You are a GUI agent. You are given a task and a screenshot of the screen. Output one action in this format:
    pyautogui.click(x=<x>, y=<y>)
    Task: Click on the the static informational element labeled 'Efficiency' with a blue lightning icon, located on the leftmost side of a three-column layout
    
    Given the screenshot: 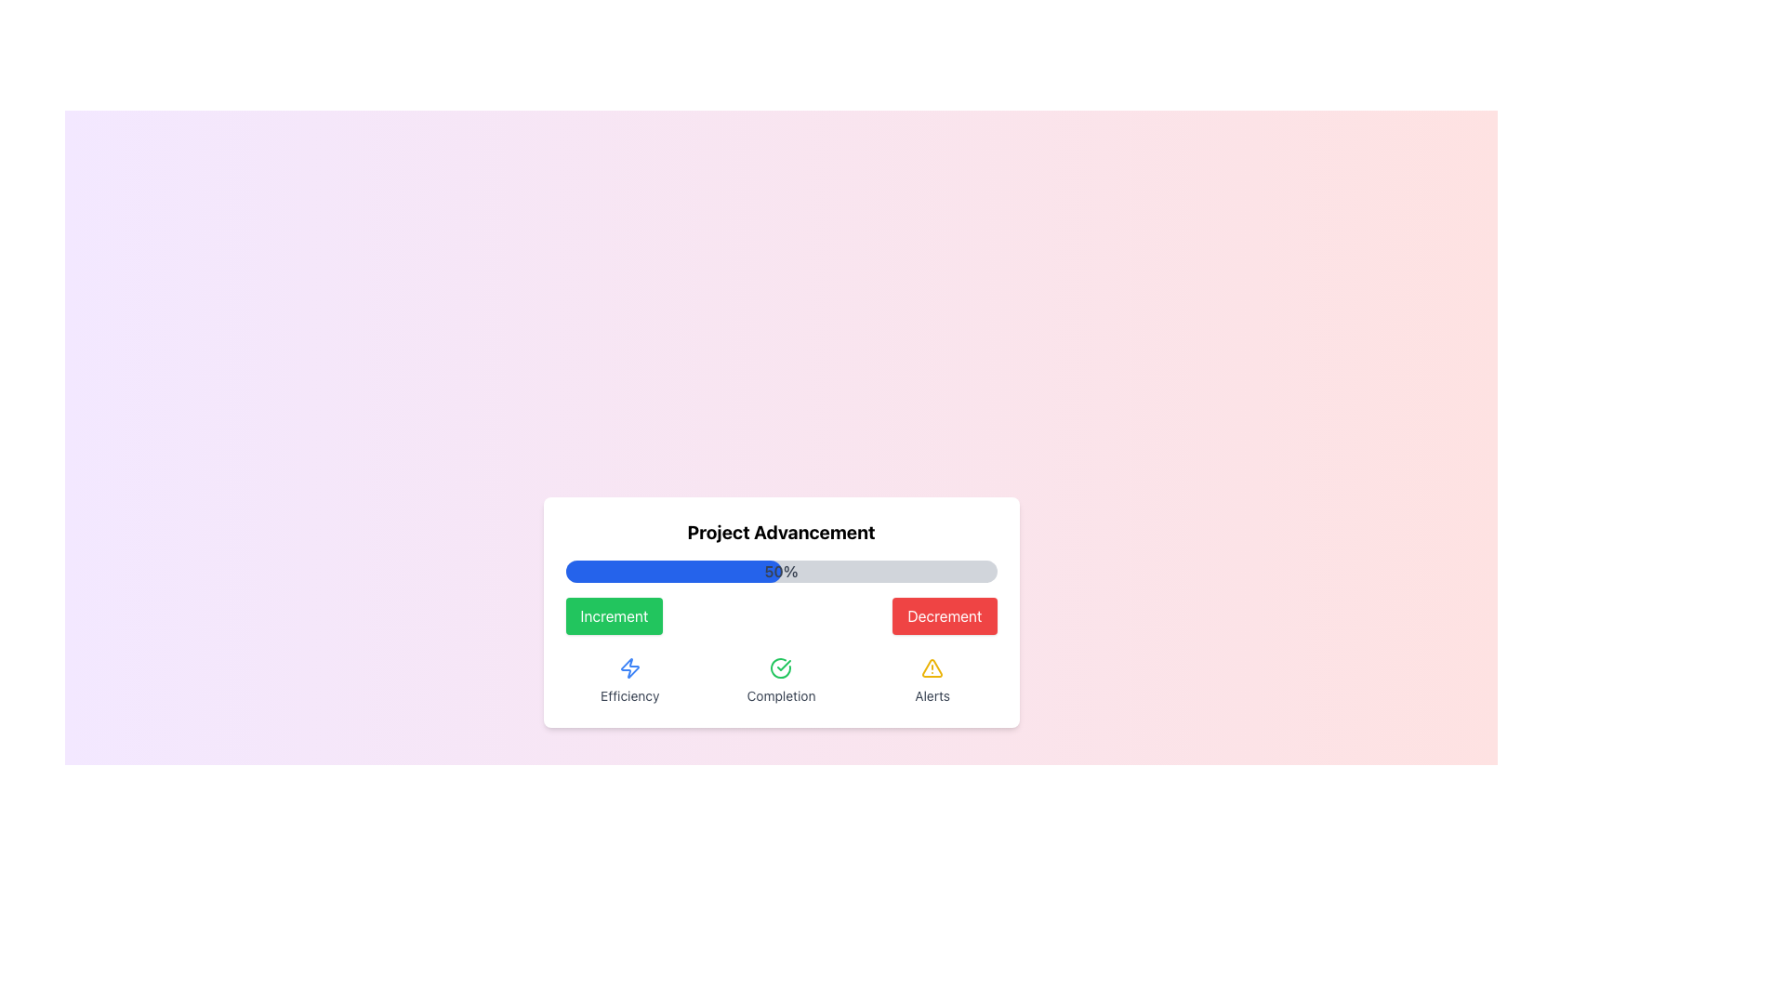 What is the action you would take?
    pyautogui.click(x=629, y=680)
    